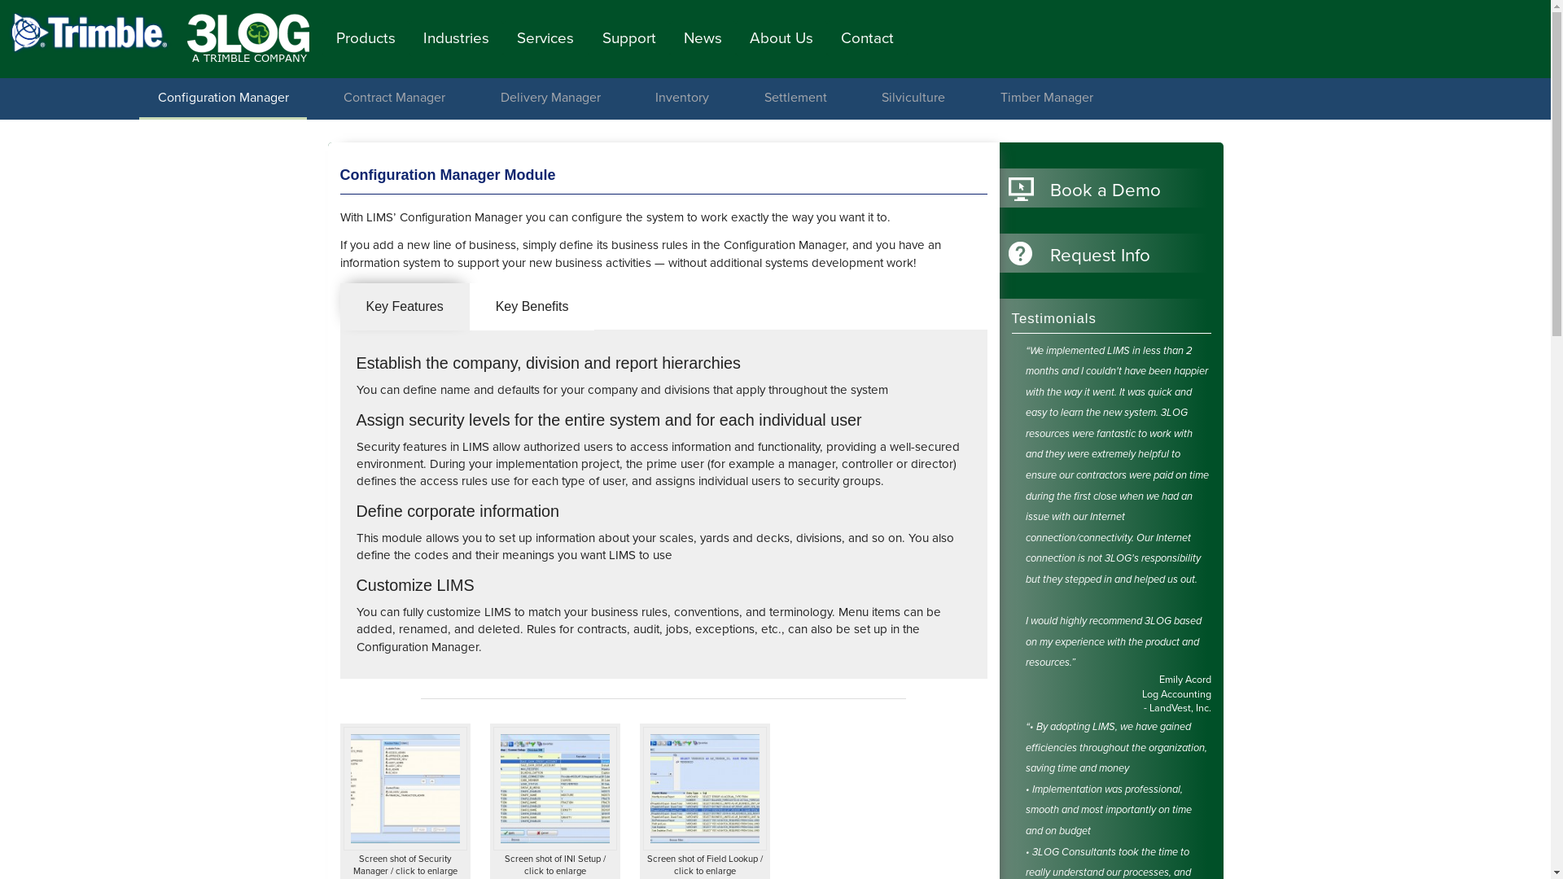 The width and height of the screenshot is (1563, 879). Describe the element at coordinates (987, 97) in the screenshot. I see `'Timber Manager'` at that location.